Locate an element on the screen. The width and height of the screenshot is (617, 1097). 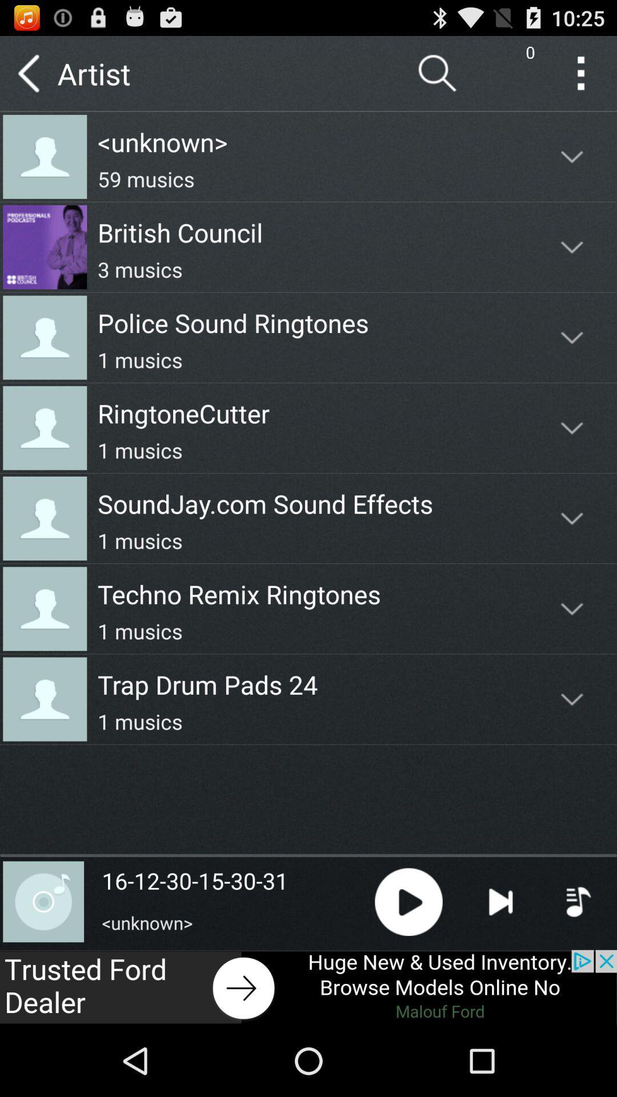
the playlist icon is located at coordinates (578, 964).